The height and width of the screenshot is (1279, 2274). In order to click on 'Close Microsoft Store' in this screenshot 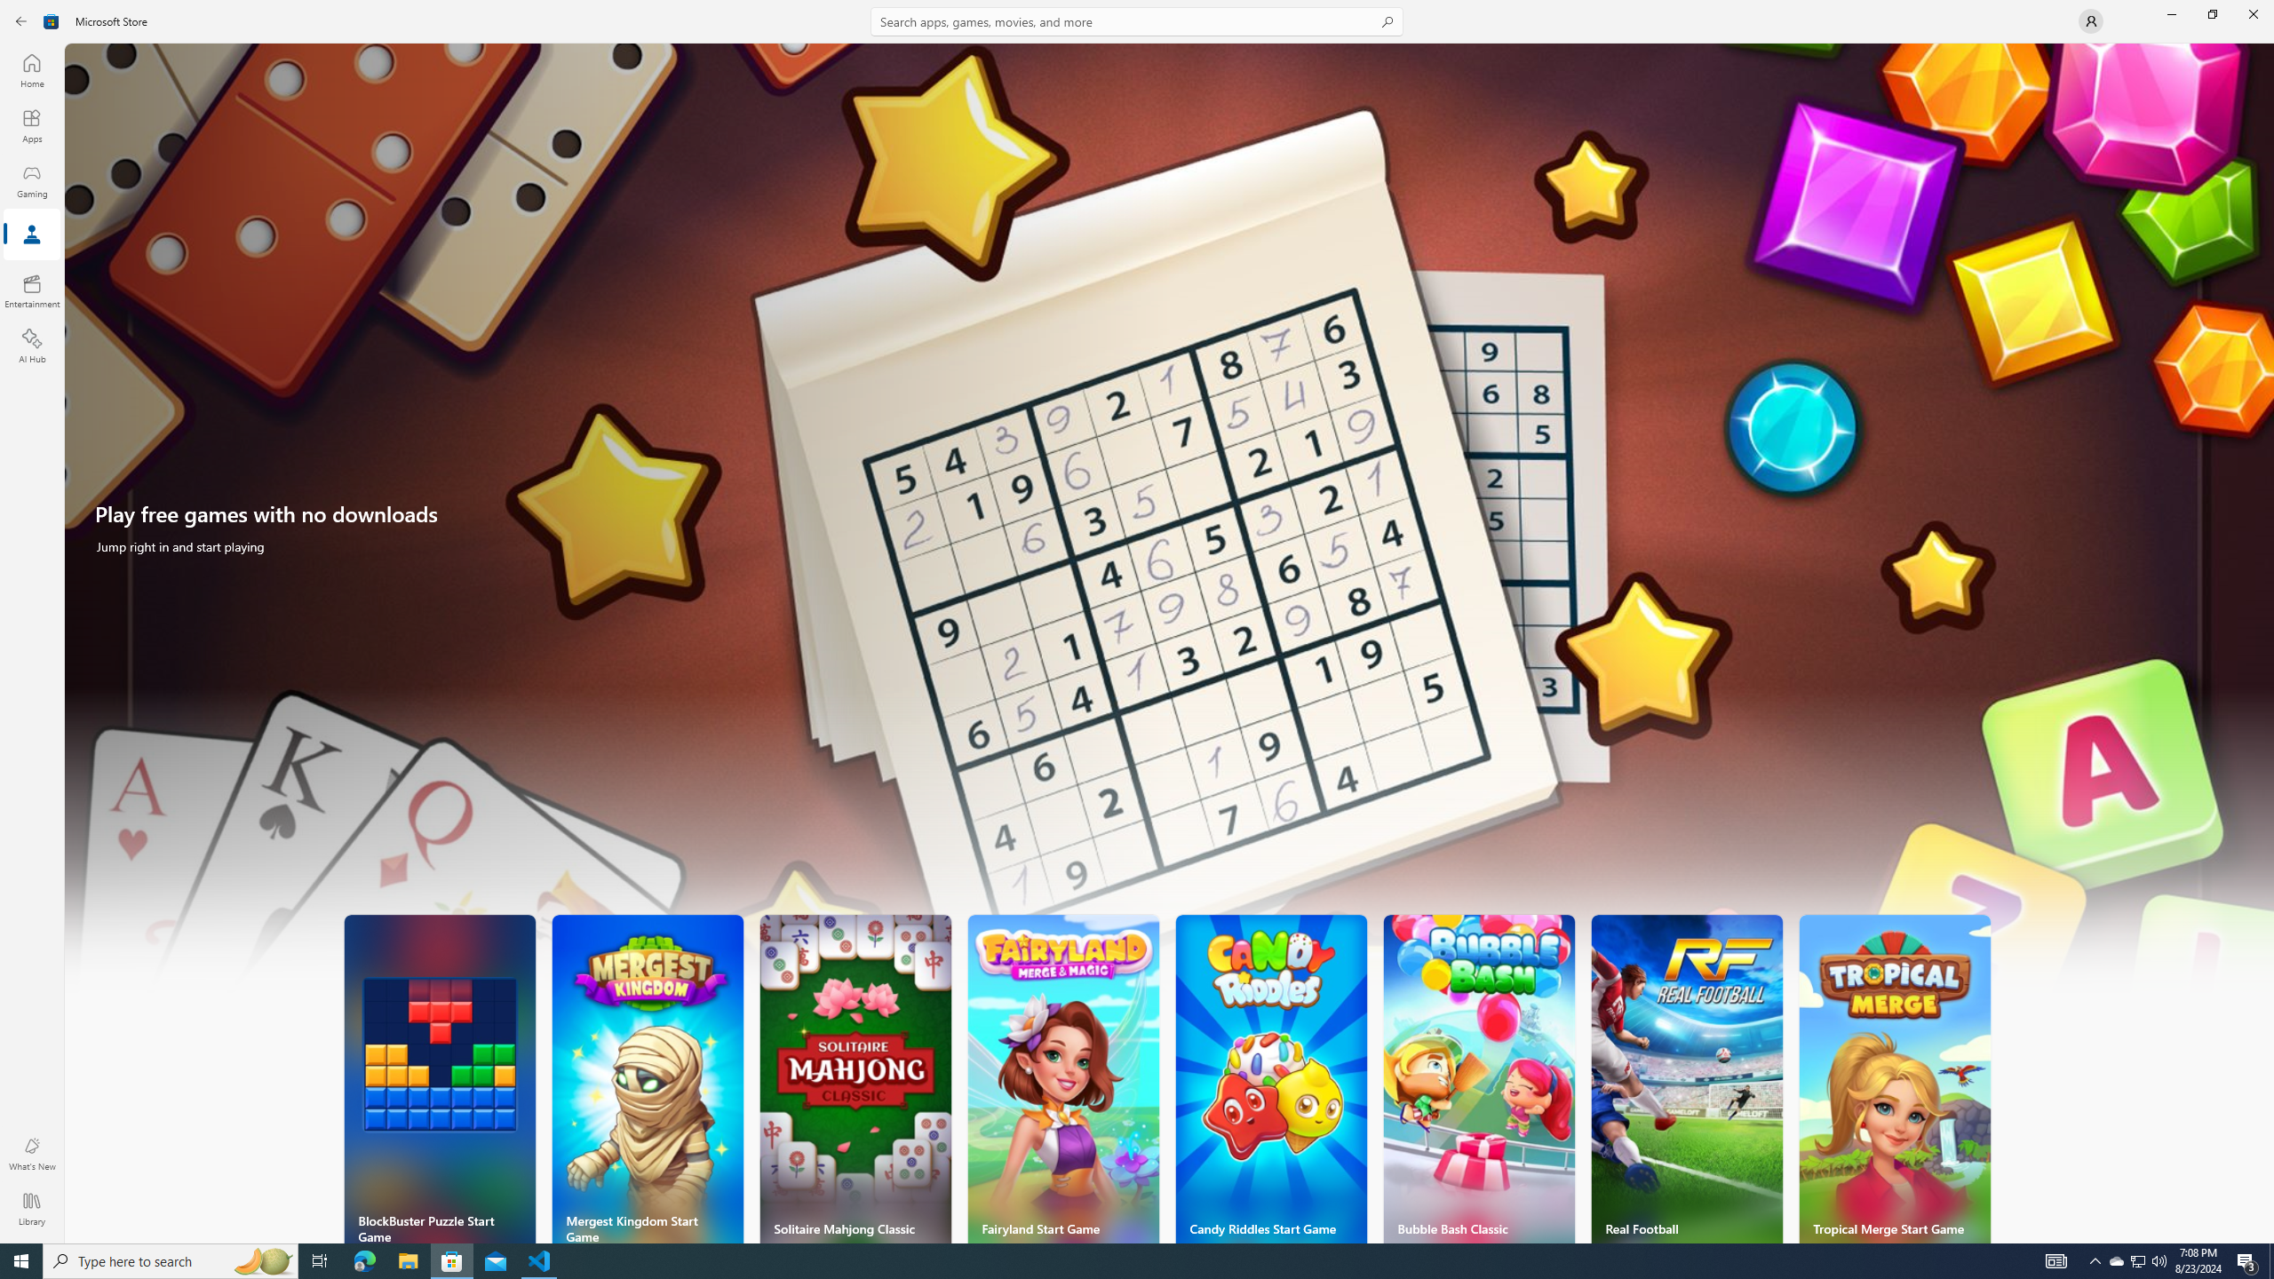, I will do `click(2252, 13)`.